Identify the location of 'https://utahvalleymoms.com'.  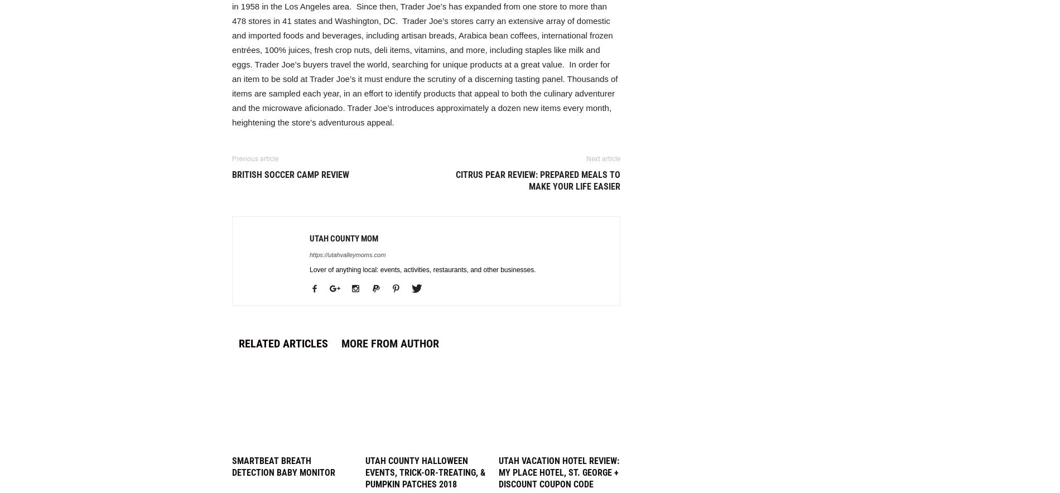
(348, 255).